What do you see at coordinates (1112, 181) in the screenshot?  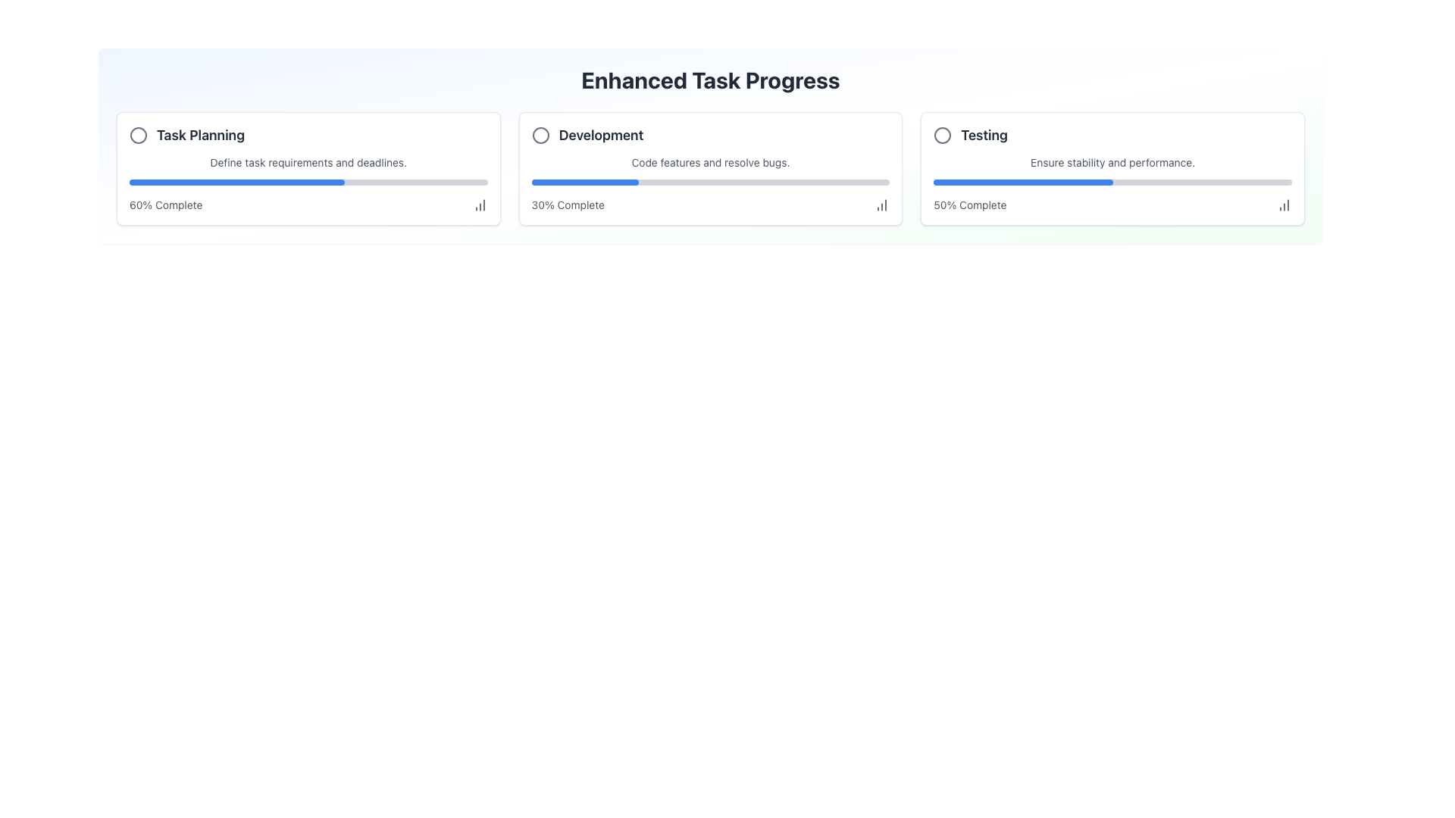 I see `the progress level of the Progress Bar located within the 'Testing' card of the 'Enhanced Task Progress' section` at bounding box center [1112, 181].